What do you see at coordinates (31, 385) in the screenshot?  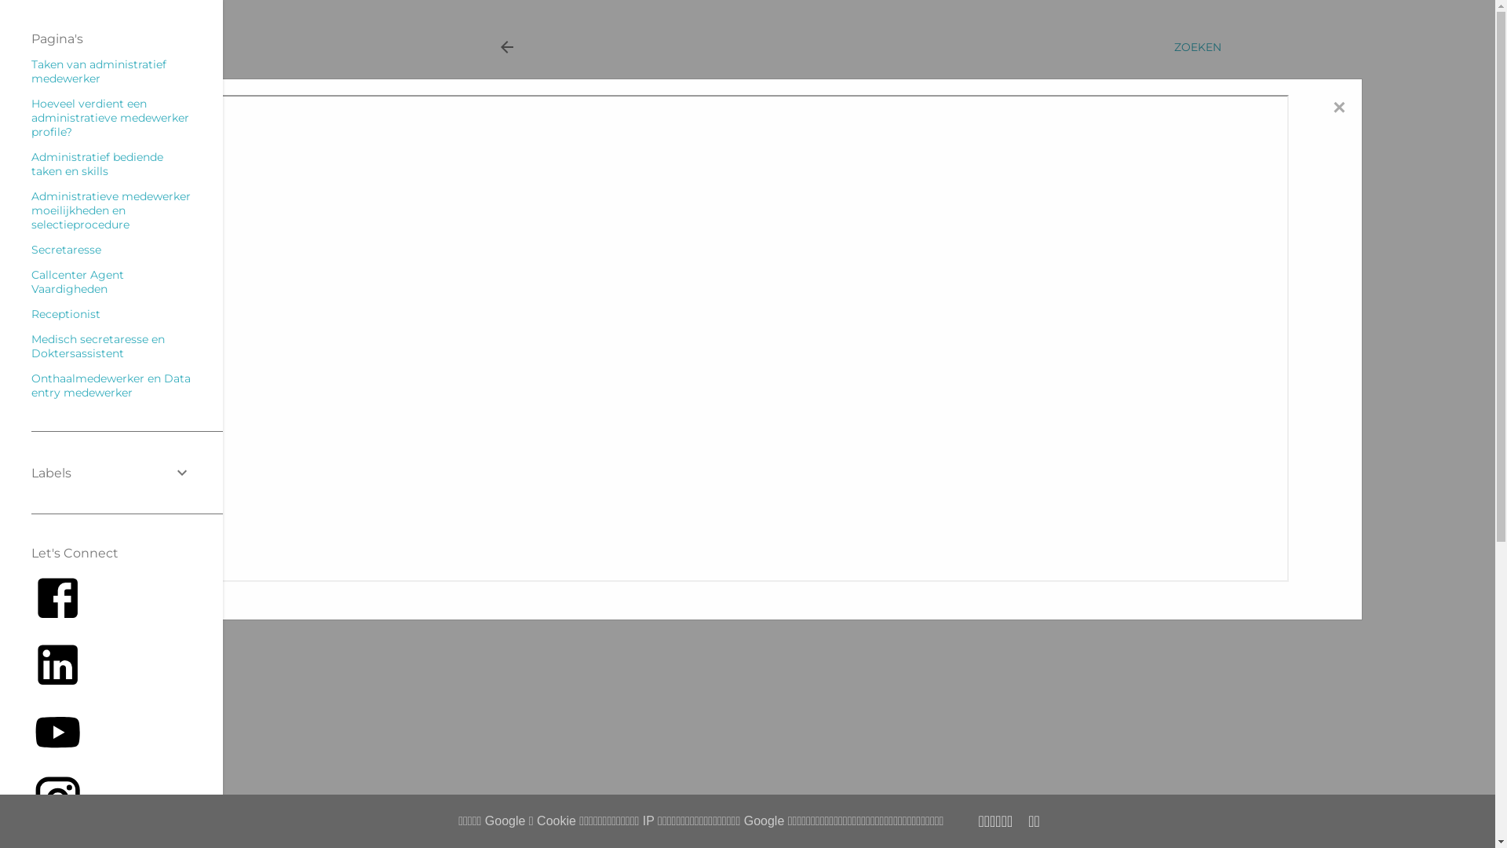 I see `'Onthaalmedewerker en Data entry medewerker'` at bounding box center [31, 385].